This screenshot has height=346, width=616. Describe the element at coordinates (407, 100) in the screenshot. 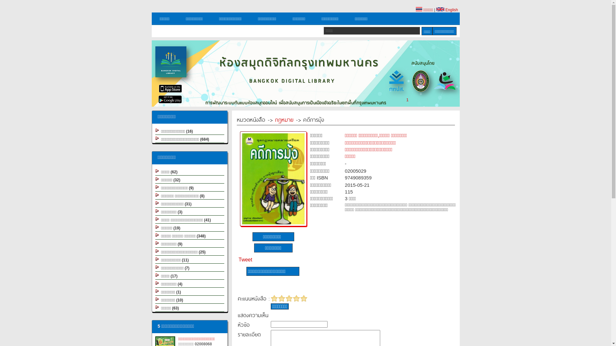

I see `'1'` at that location.